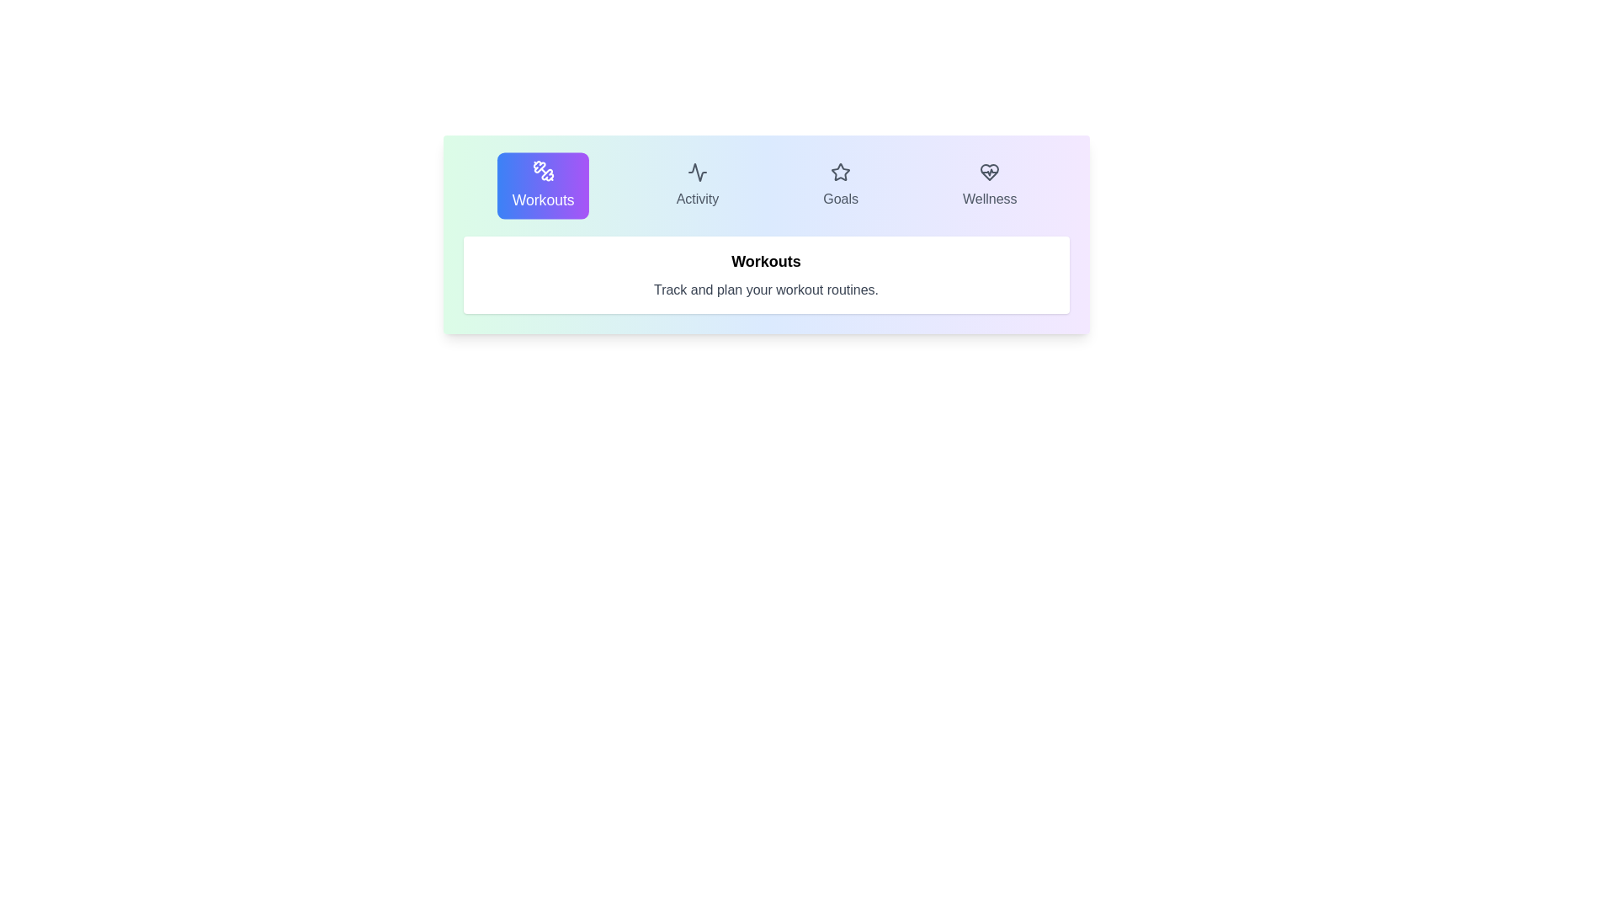  Describe the element at coordinates (765, 289) in the screenshot. I see `the text display stating 'Track and plan your workout routines.' which is located directly beneath the bolded text 'Workouts'` at that location.